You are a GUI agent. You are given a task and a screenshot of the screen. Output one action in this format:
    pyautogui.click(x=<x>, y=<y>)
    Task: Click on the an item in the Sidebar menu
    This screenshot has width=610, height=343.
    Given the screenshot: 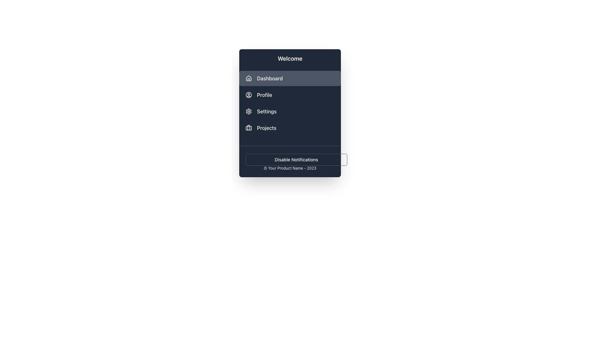 What is the action you would take?
    pyautogui.click(x=289, y=112)
    